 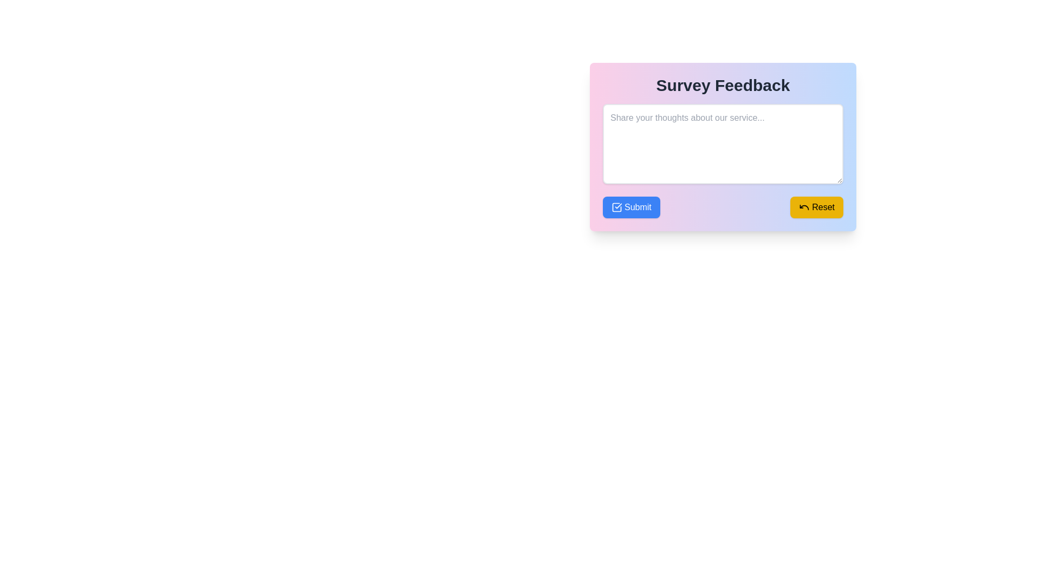 What do you see at coordinates (804, 207) in the screenshot?
I see `the undo icon, which is a small black curved arrow located inside the yellow 'Reset' button at the bottom-right of the feedback form` at bounding box center [804, 207].